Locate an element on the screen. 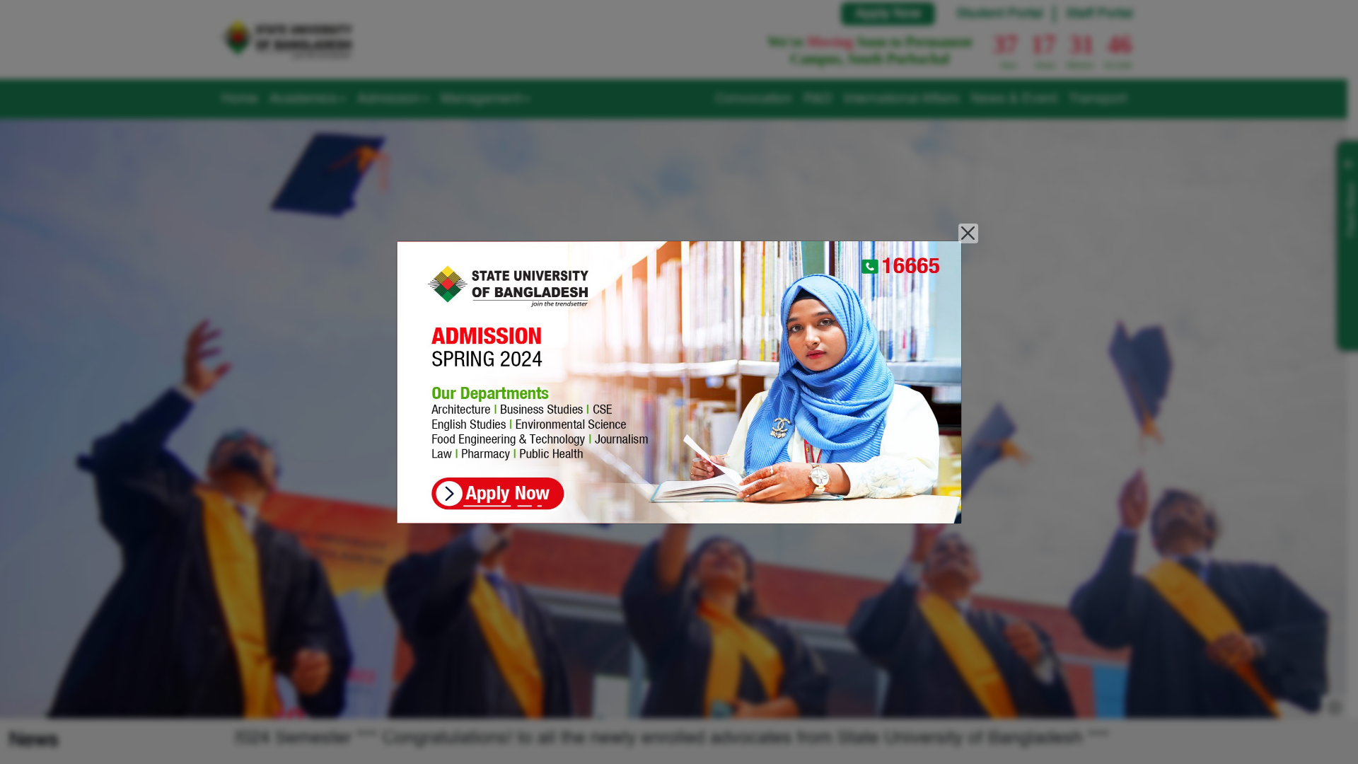 This screenshot has height=764, width=1358. 'Academics' is located at coordinates (263, 98).